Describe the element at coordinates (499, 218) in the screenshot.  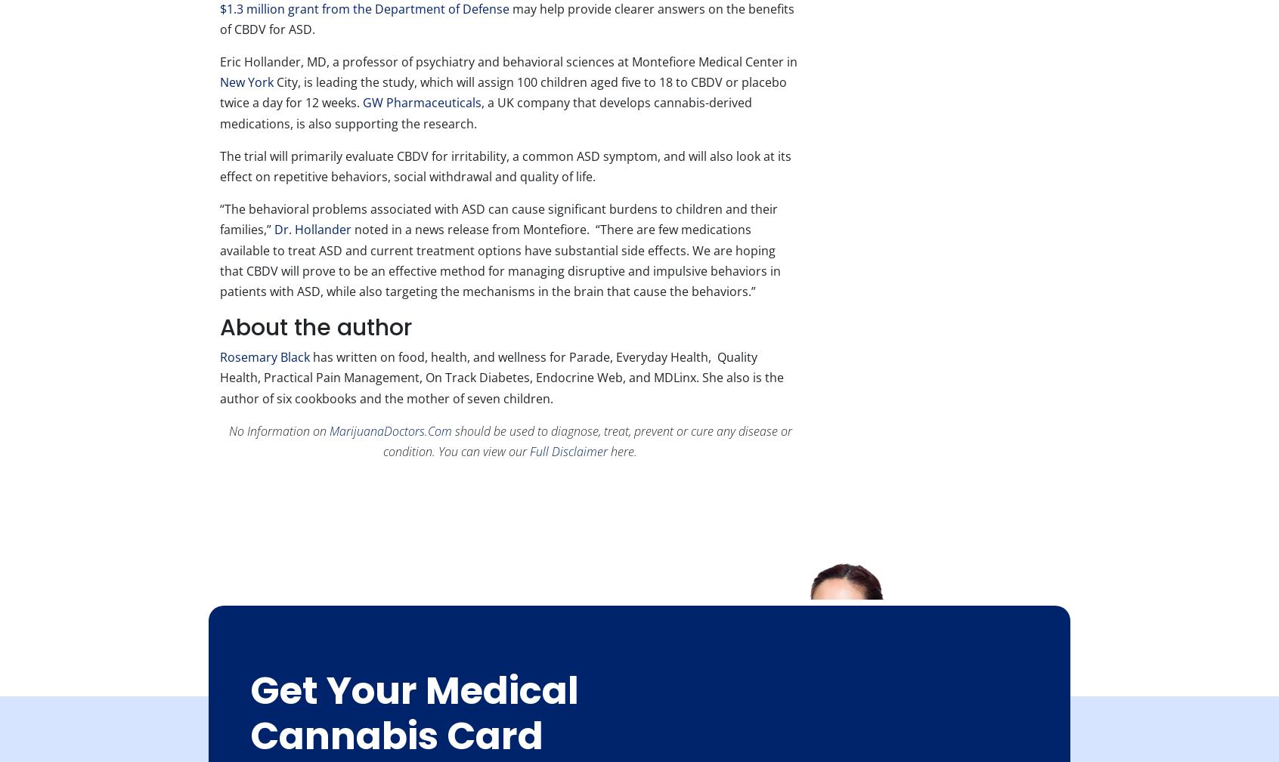
I see `'“The behavioral problems associated with ASD can cause significant burdens to children and their families,”'` at that location.